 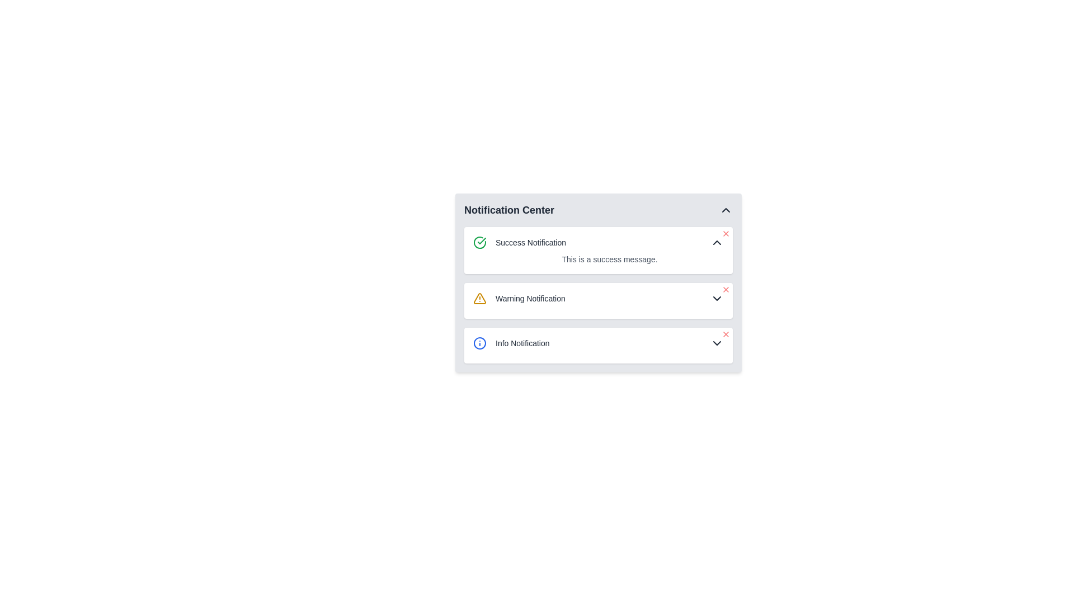 I want to click on the green success icon located within the 'Success Notification' entry in the Notification Center, positioned to the left of the notification title text, so click(x=482, y=240).